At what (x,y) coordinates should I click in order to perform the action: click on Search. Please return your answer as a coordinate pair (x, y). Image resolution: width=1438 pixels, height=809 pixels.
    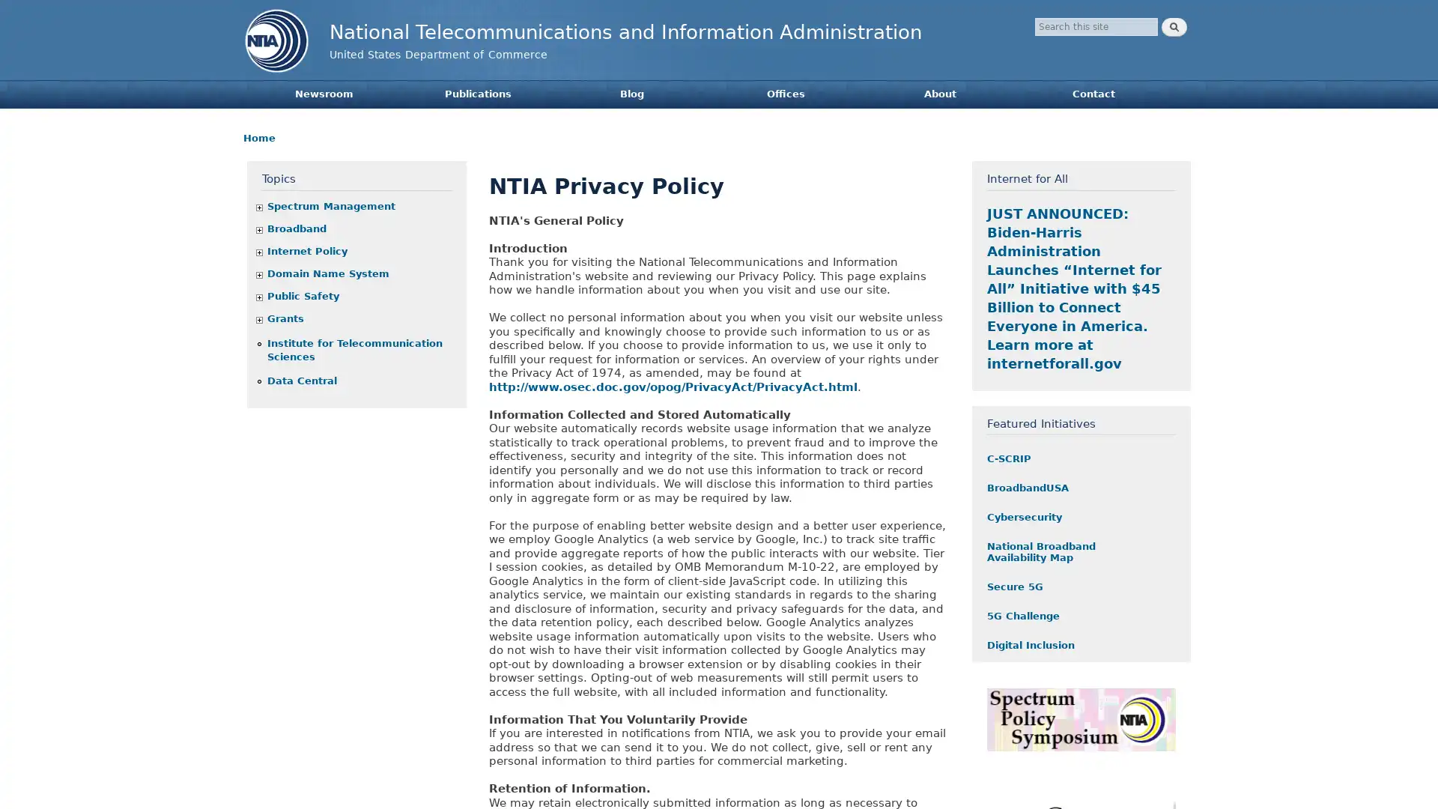
    Looking at the image, I should click on (1174, 27).